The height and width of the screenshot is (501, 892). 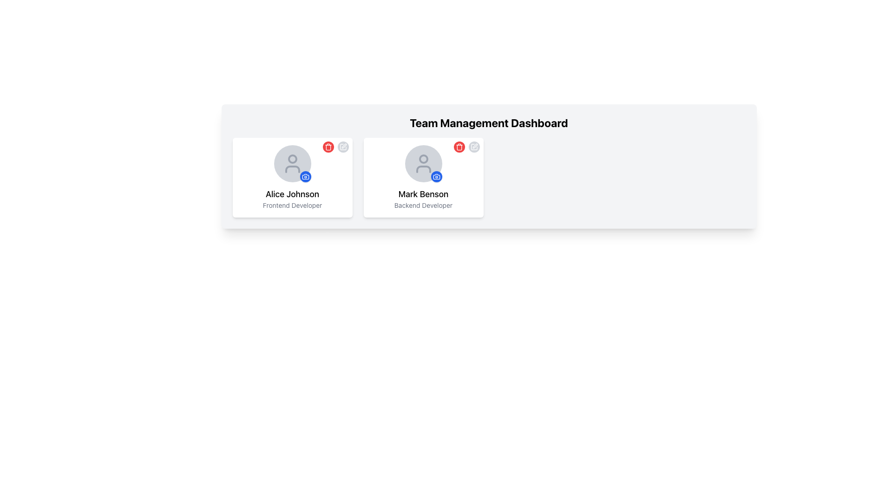 What do you see at coordinates (436, 177) in the screenshot?
I see `the circular blue button featuring a white camera icon associated with the 'Mark Benson' card in the 'Team Management Dashboard'` at bounding box center [436, 177].